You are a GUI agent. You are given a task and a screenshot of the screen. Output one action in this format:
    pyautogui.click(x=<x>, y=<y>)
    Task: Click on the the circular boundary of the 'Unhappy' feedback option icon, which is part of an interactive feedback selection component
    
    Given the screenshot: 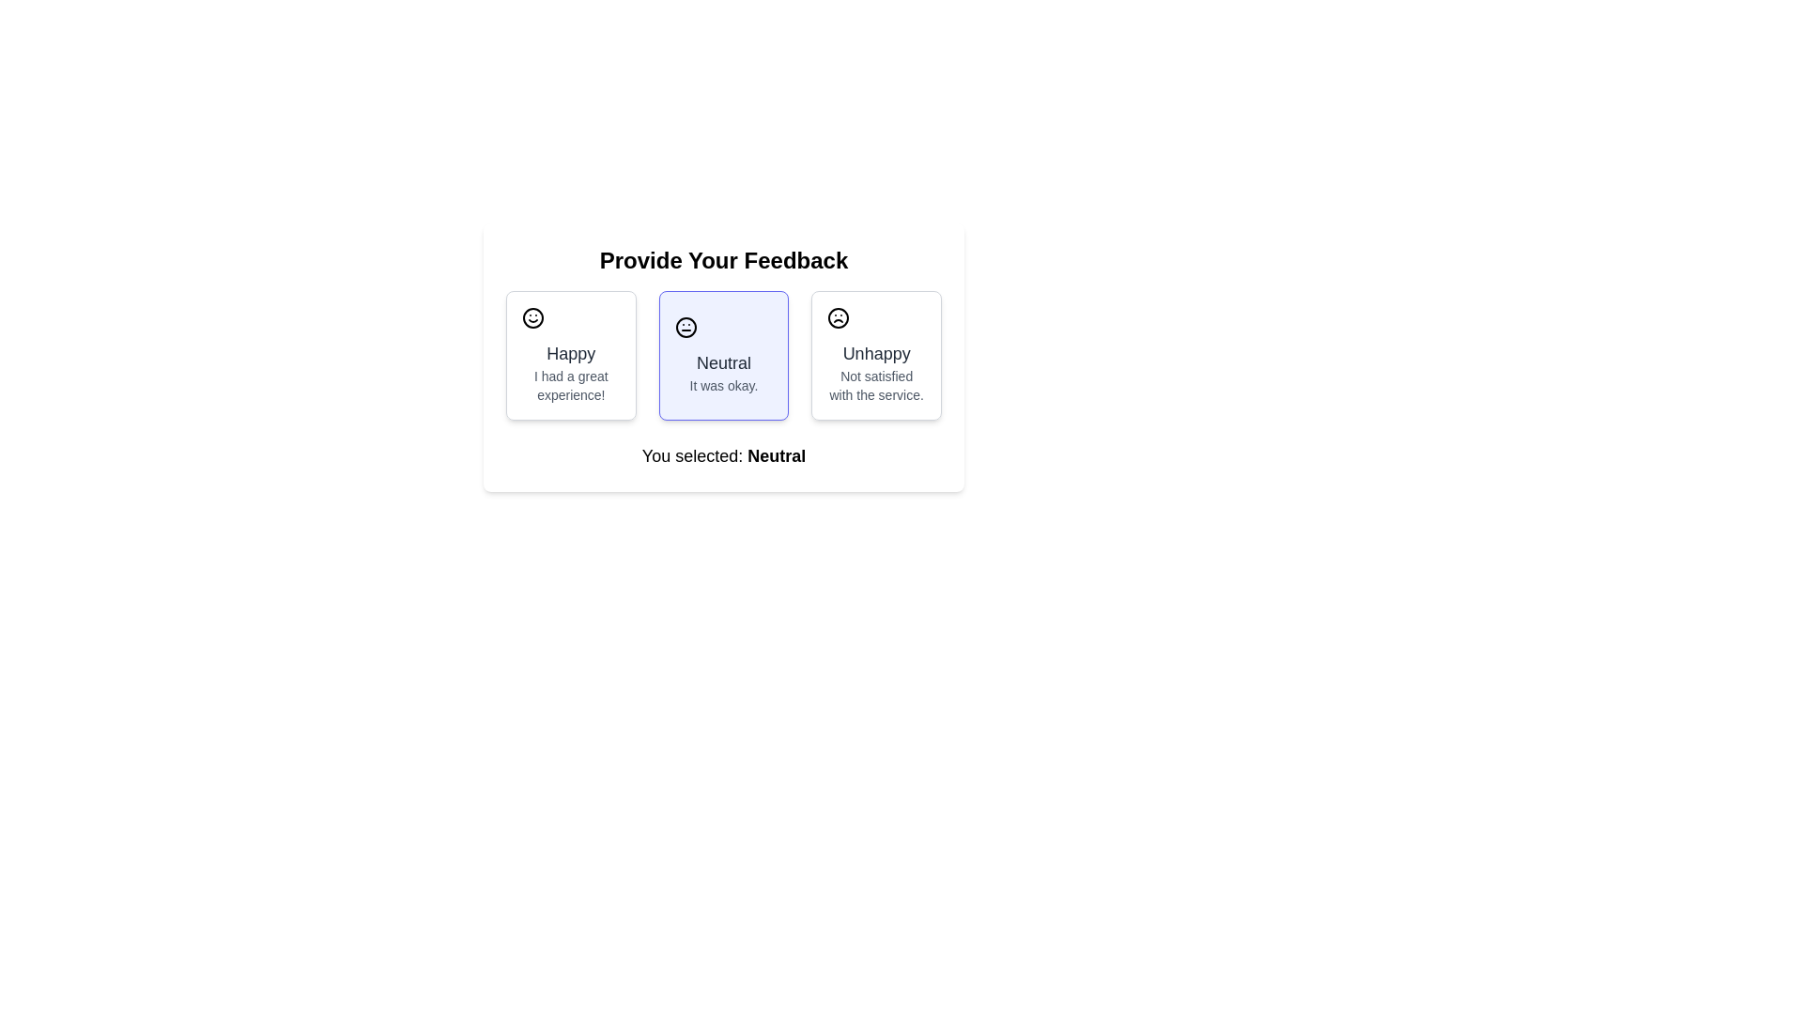 What is the action you would take?
    pyautogui.click(x=837, y=317)
    